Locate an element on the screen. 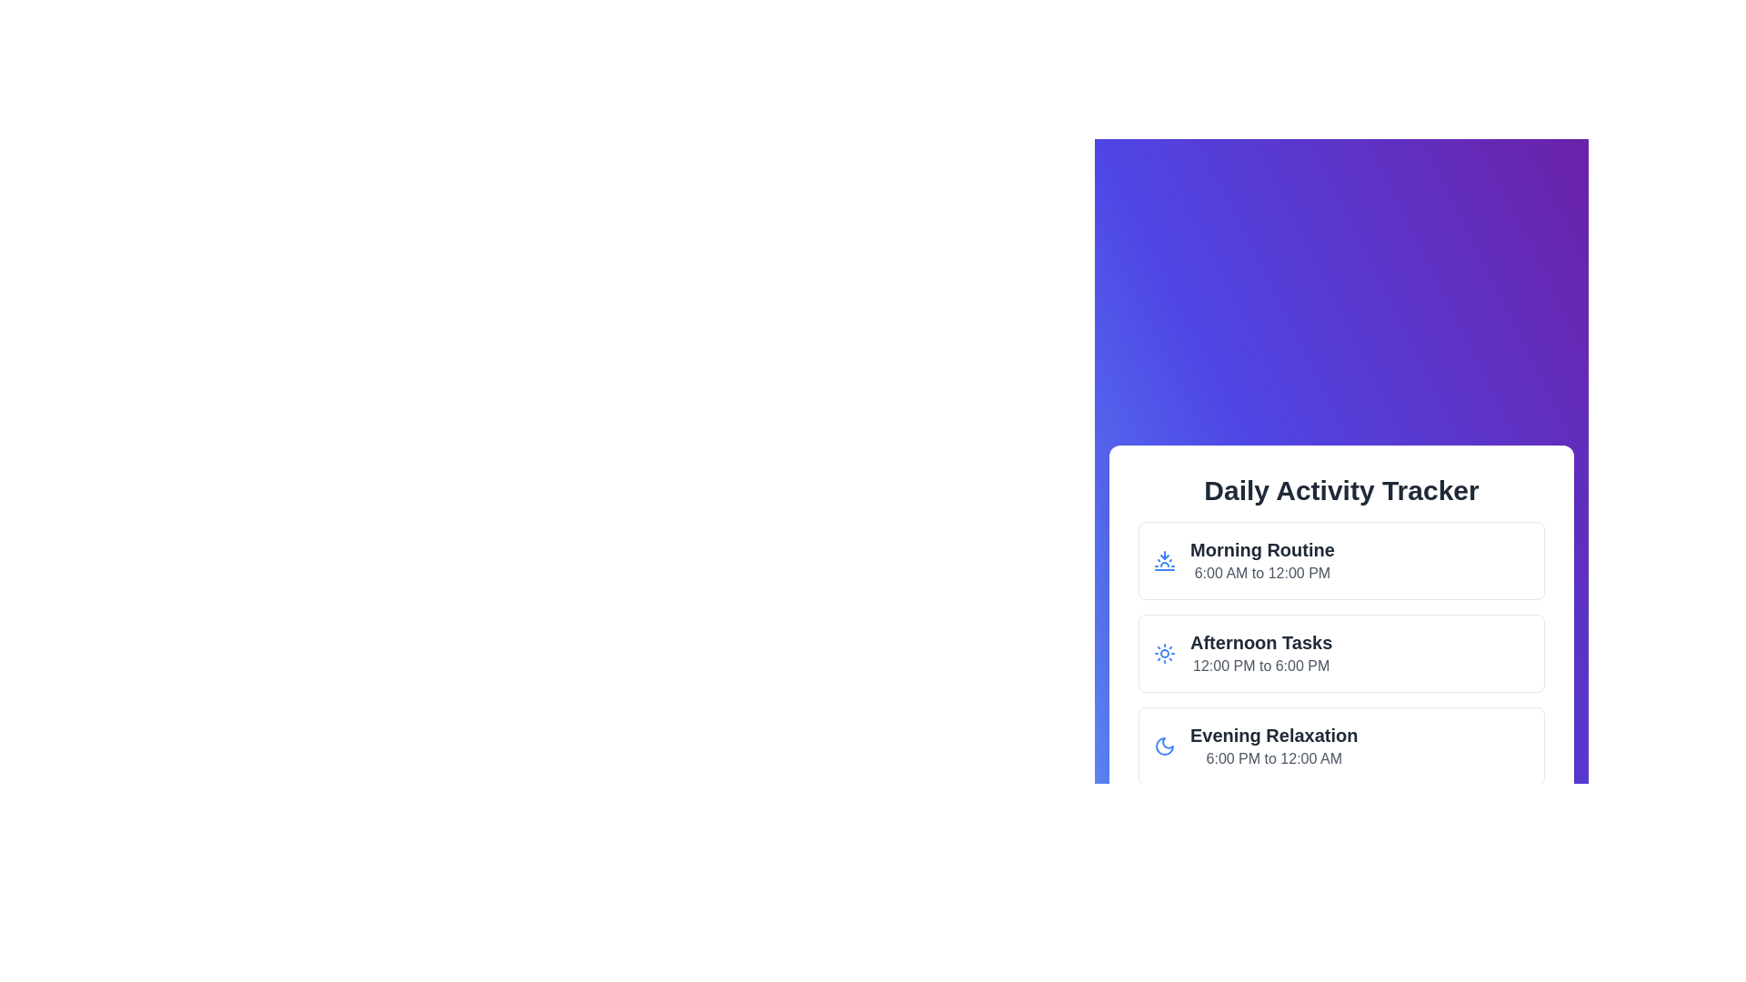  the text label displaying 'Evening Relaxation' which is styled in black and located in the last row of the daily activities list under 'Daily Activity Tracker.' is located at coordinates (1273, 735).